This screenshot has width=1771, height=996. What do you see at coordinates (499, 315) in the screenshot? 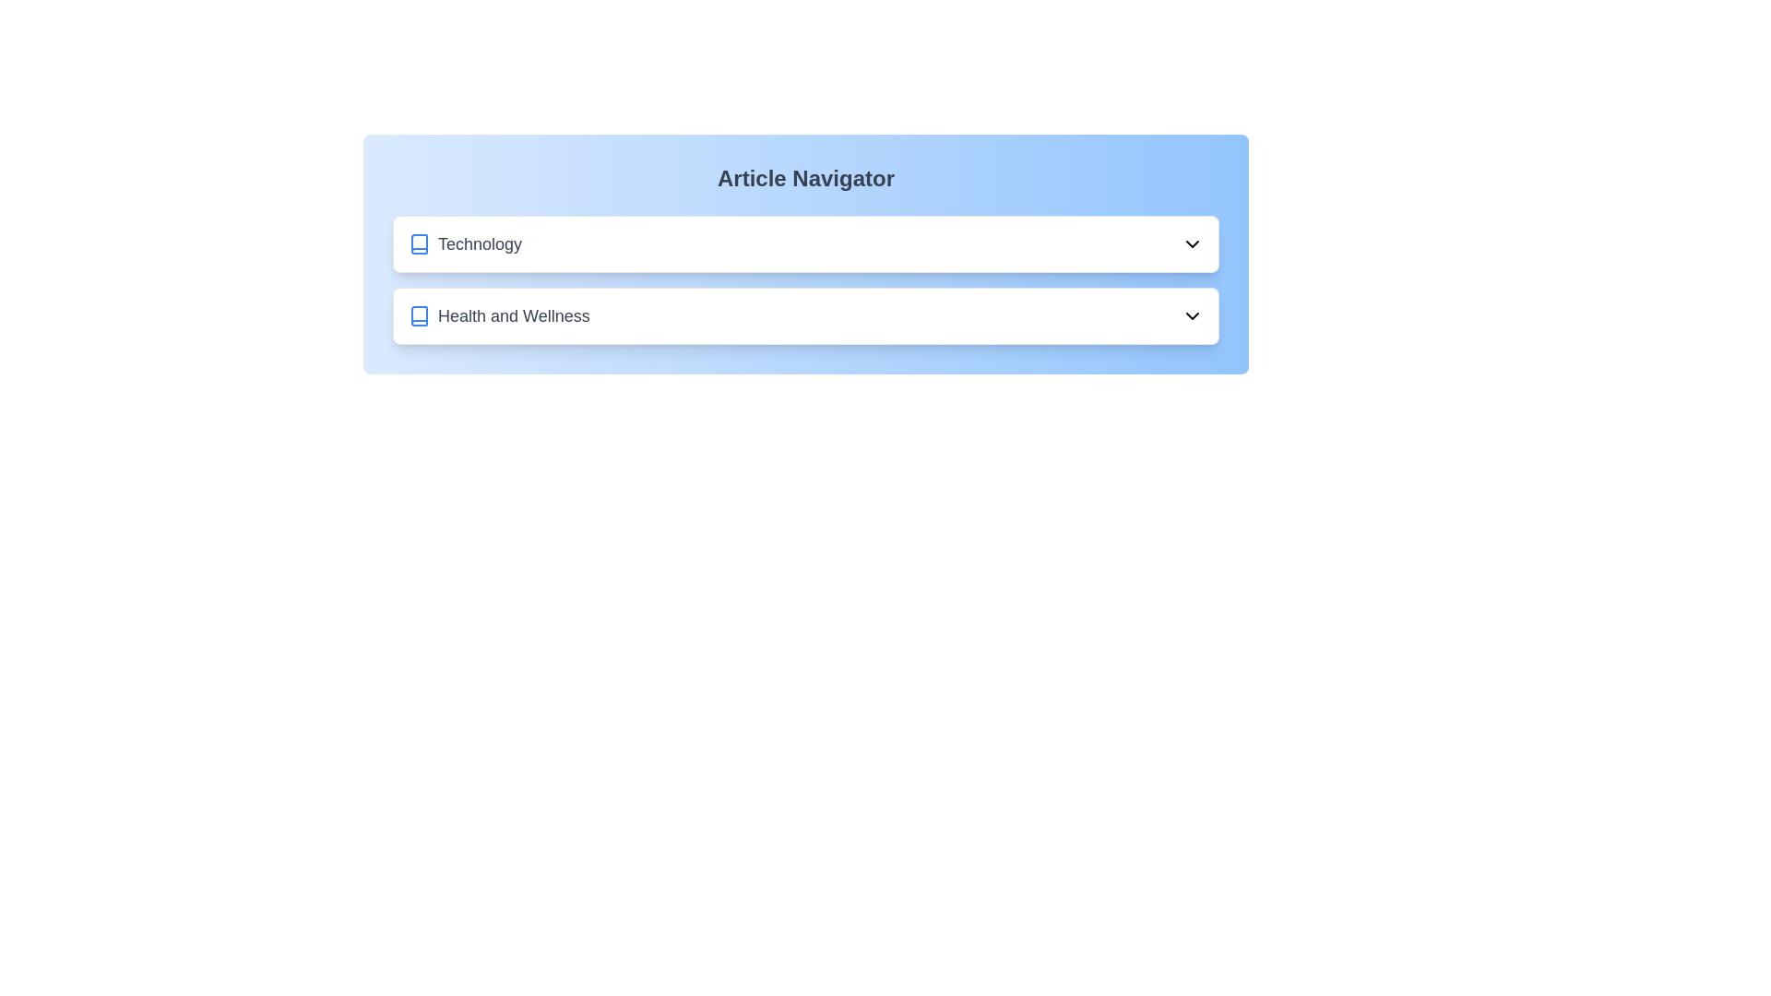
I see `the 'Health and Wellness' label with the blue open-book icon in the second row of the 'Article Navigator' section` at bounding box center [499, 315].